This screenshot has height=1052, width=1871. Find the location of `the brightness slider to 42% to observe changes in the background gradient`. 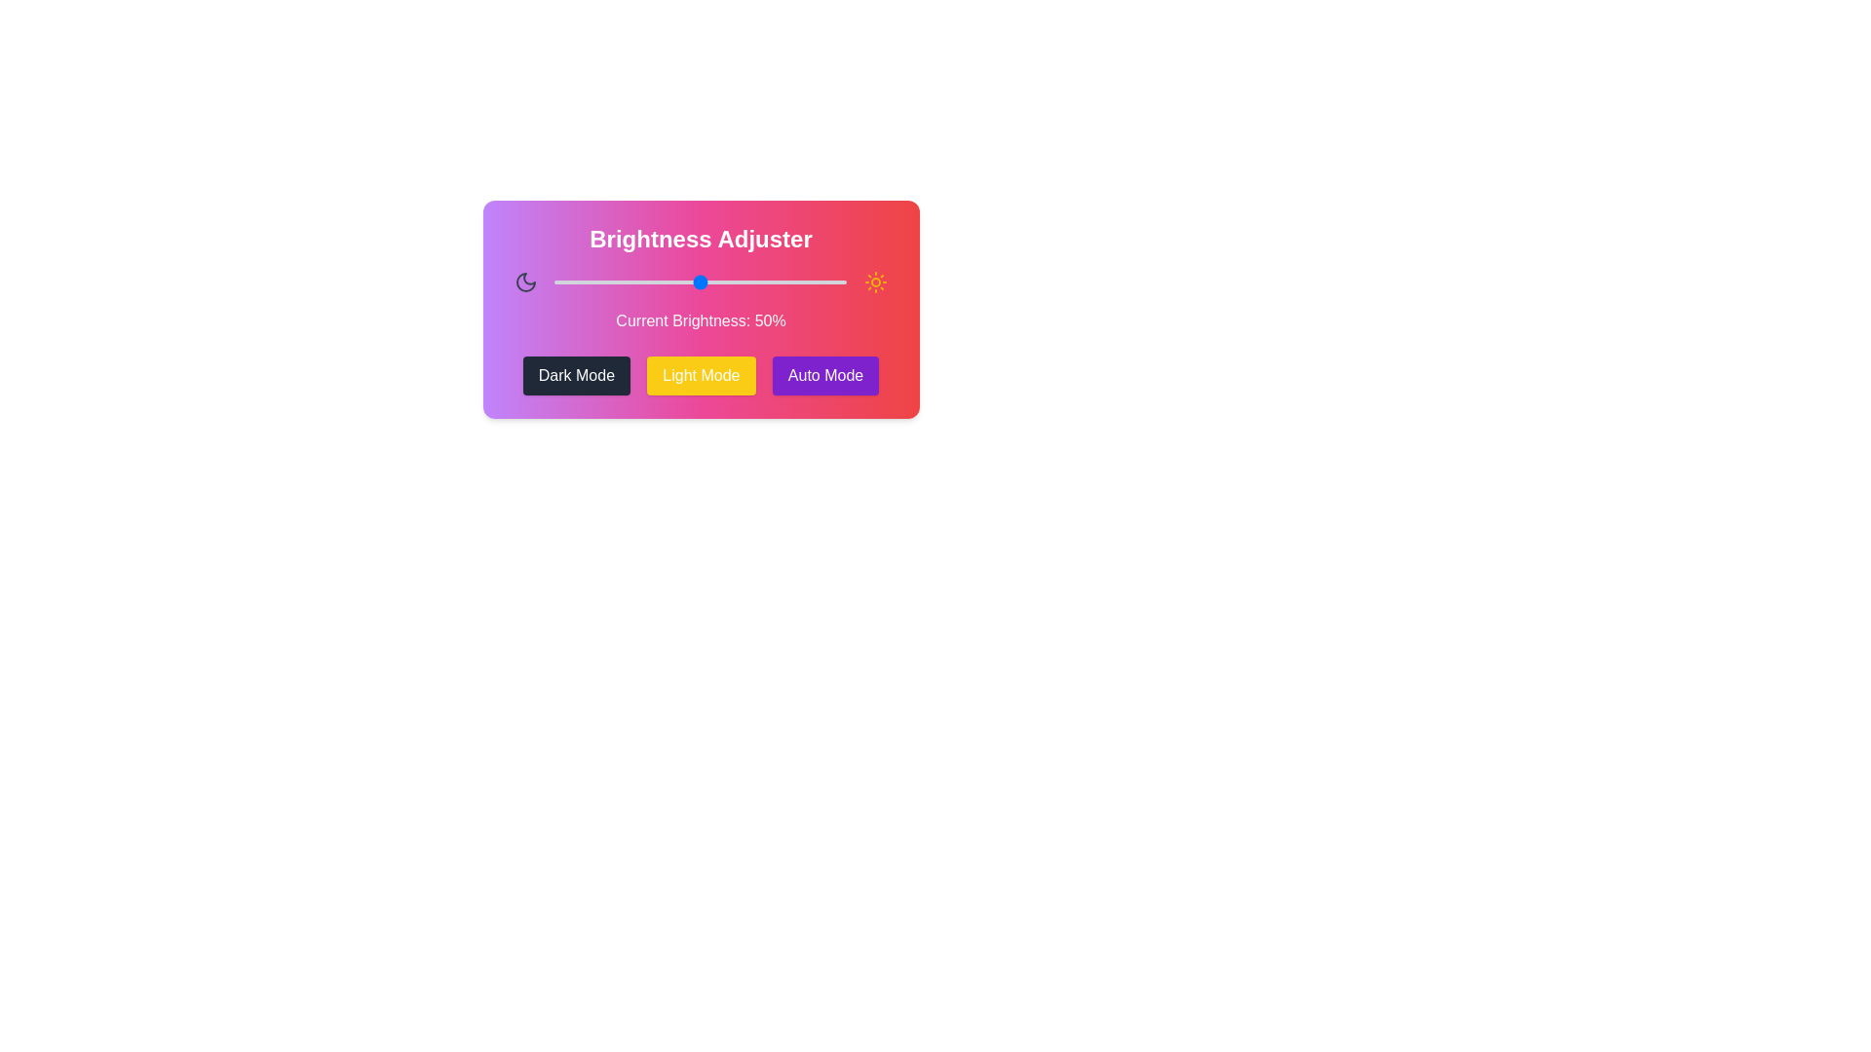

the brightness slider to 42% to observe changes in the background gradient is located at coordinates (677, 282).